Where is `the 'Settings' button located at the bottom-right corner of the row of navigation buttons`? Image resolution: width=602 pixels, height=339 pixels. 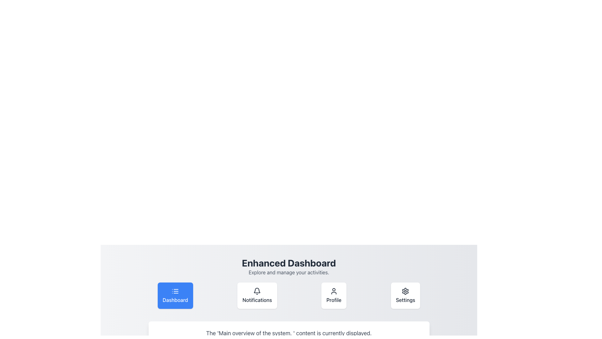 the 'Settings' button located at the bottom-right corner of the row of navigation buttons is located at coordinates (405, 295).